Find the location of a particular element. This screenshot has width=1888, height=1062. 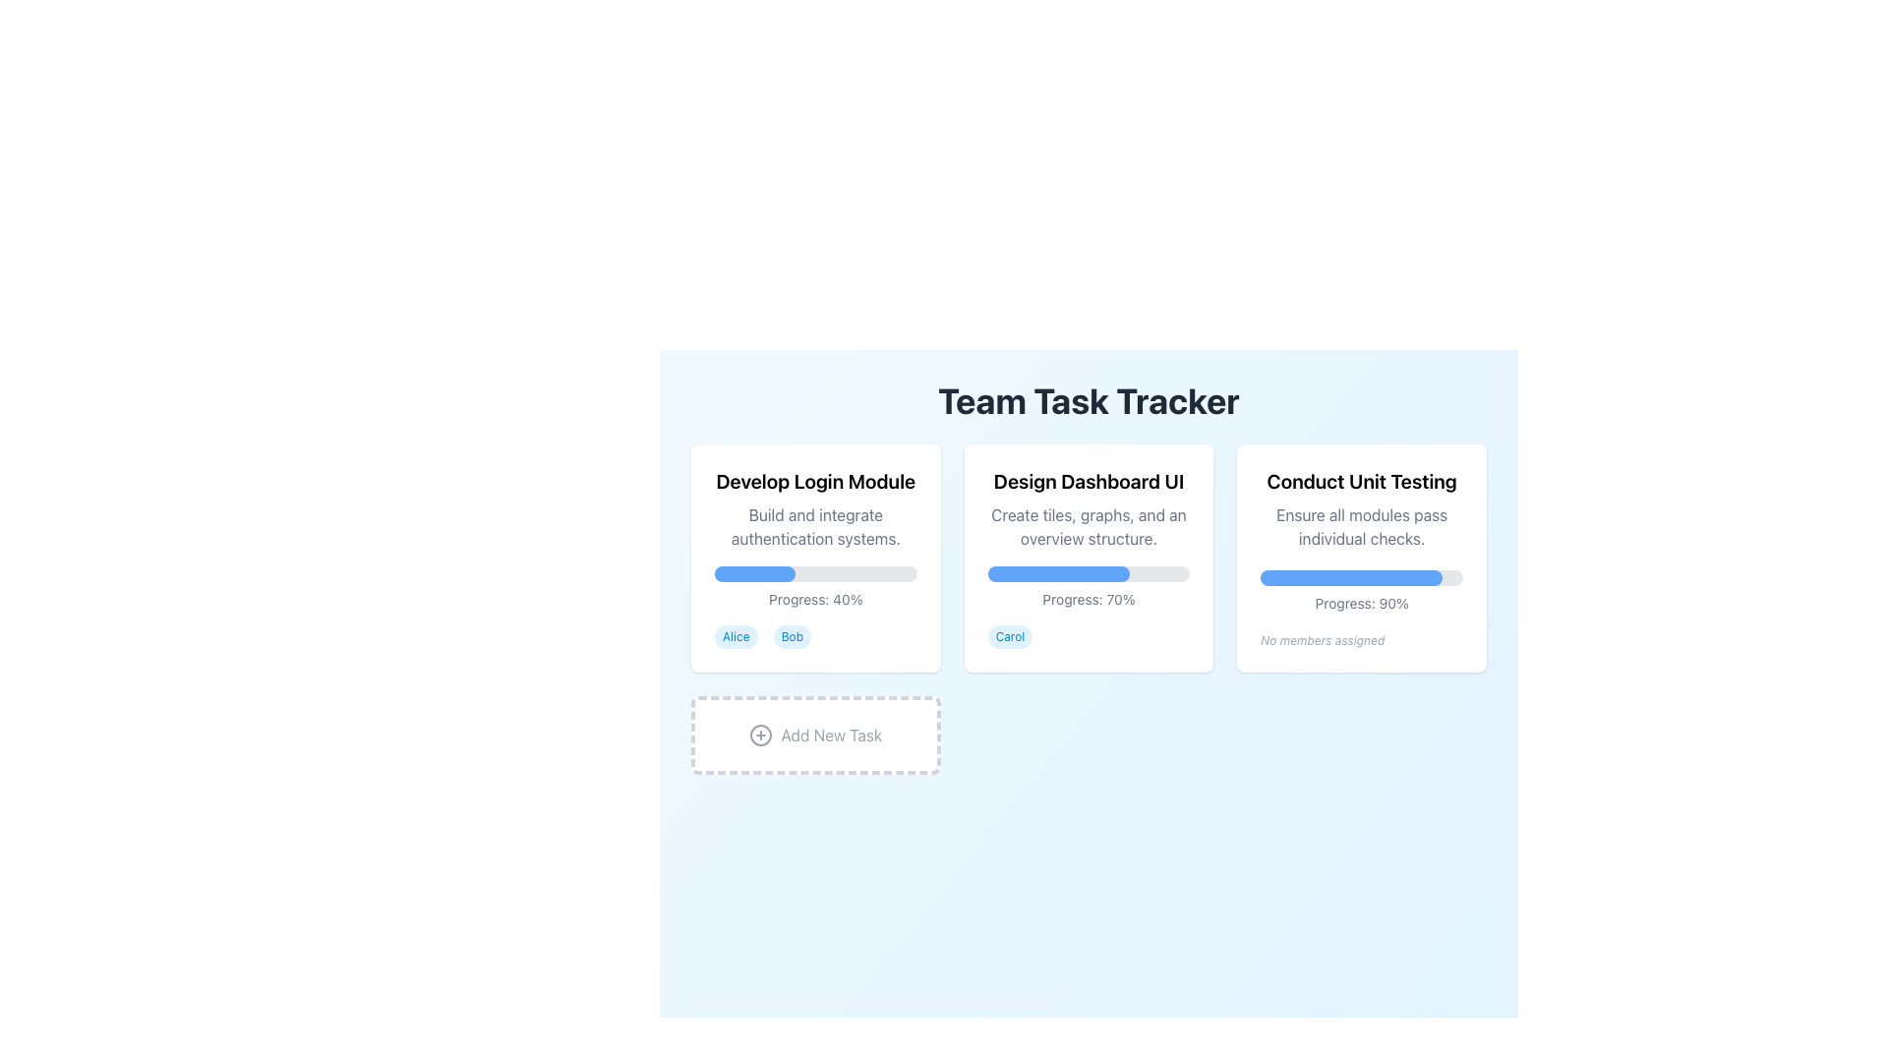

the Static Text Display that shows the numeric percentage progress associated with a task, located below the graphical progress bar in the middle column of the team task tracker card layout is located at coordinates (1088, 598).